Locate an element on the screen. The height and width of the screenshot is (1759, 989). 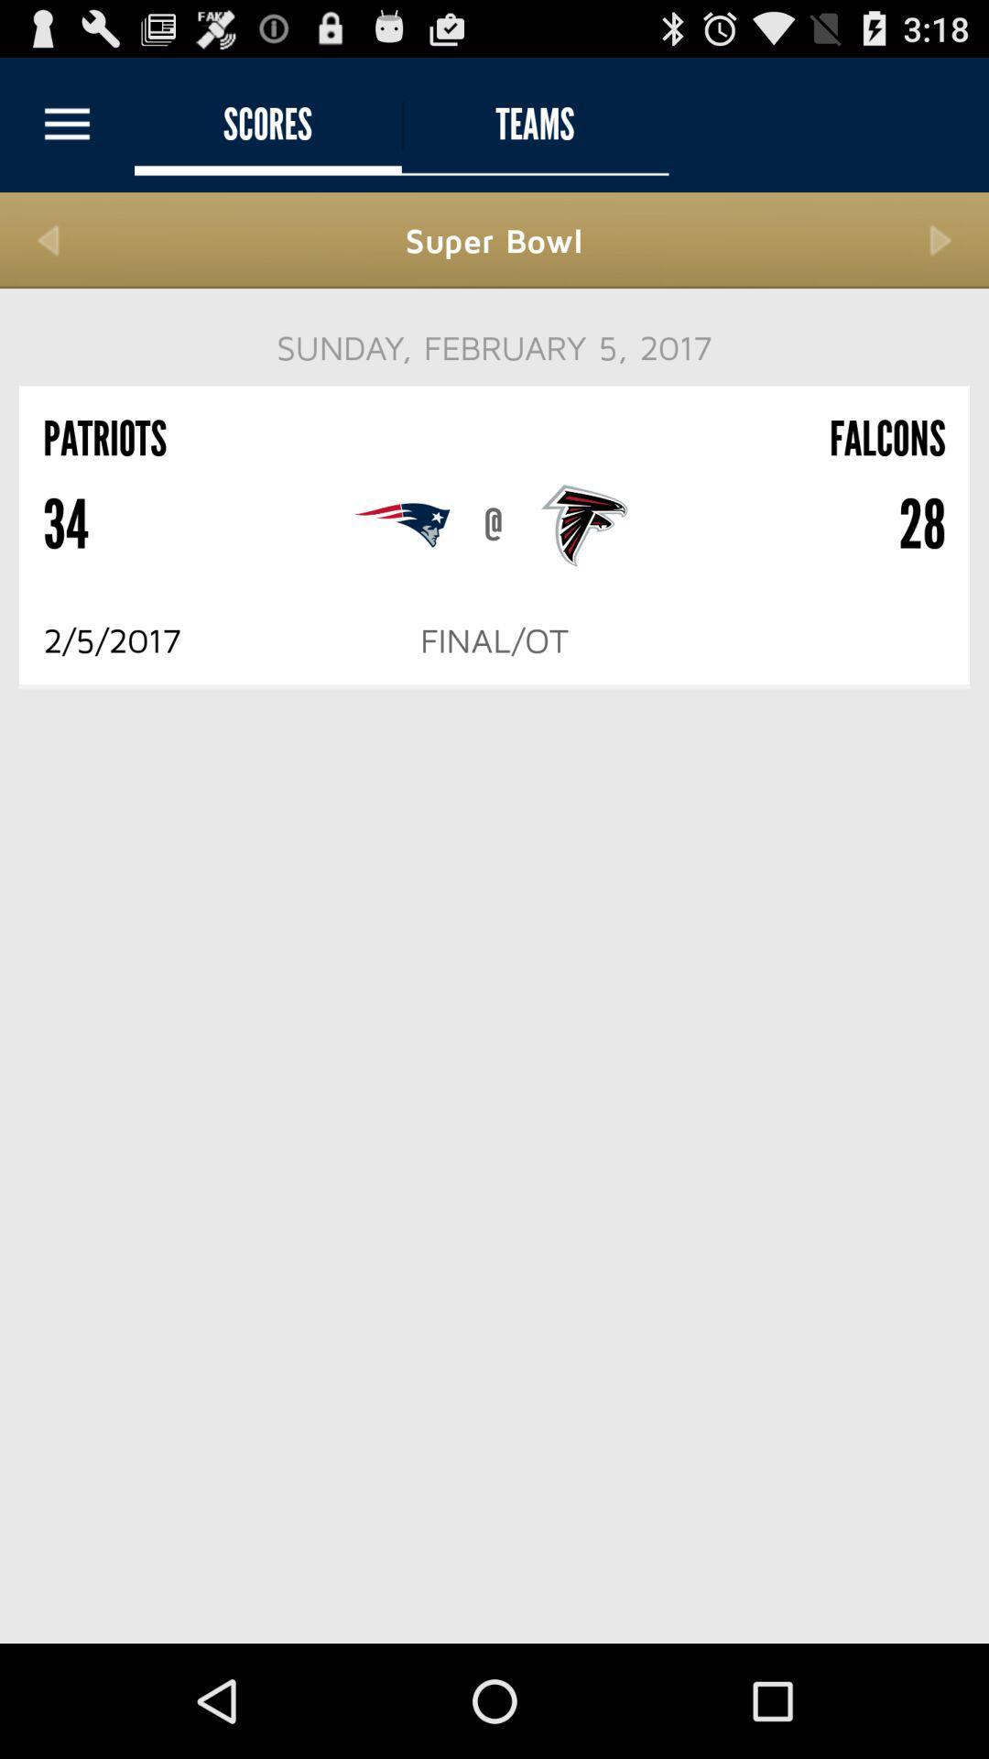
the arrow_backward icon is located at coordinates (47, 256).